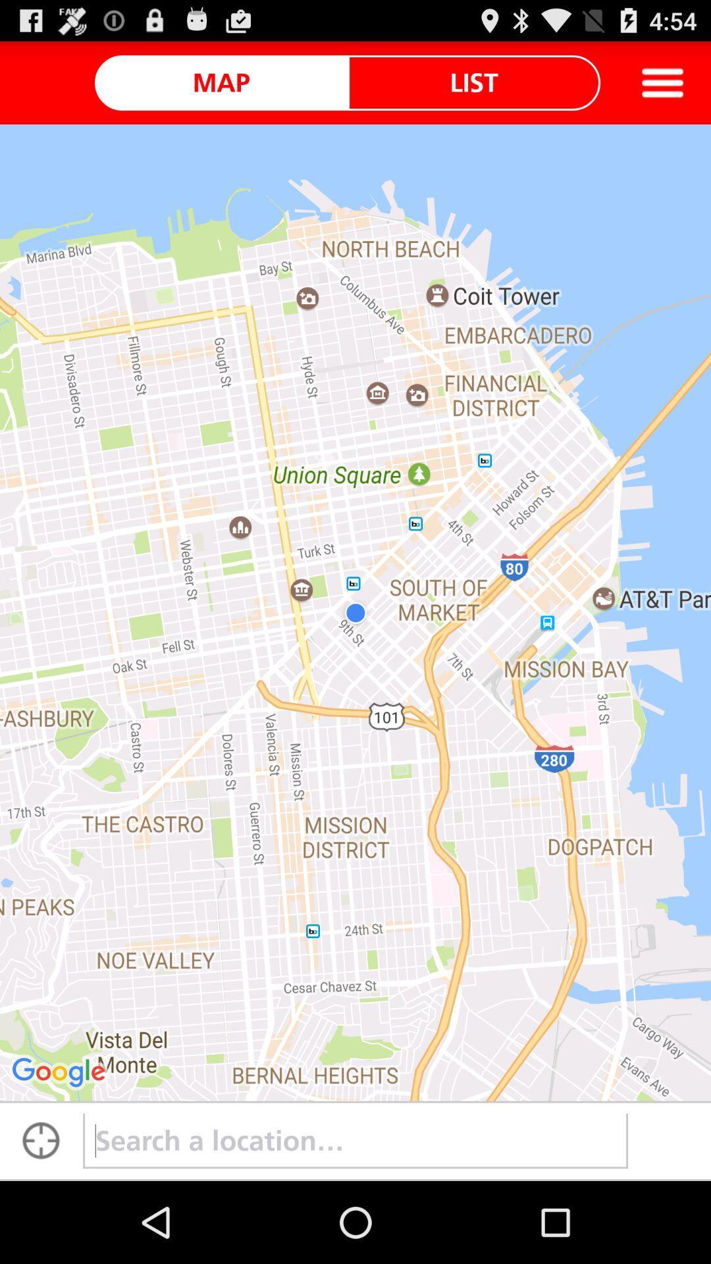 The image size is (711, 1264). I want to click on icon to the right of the map, so click(474, 82).